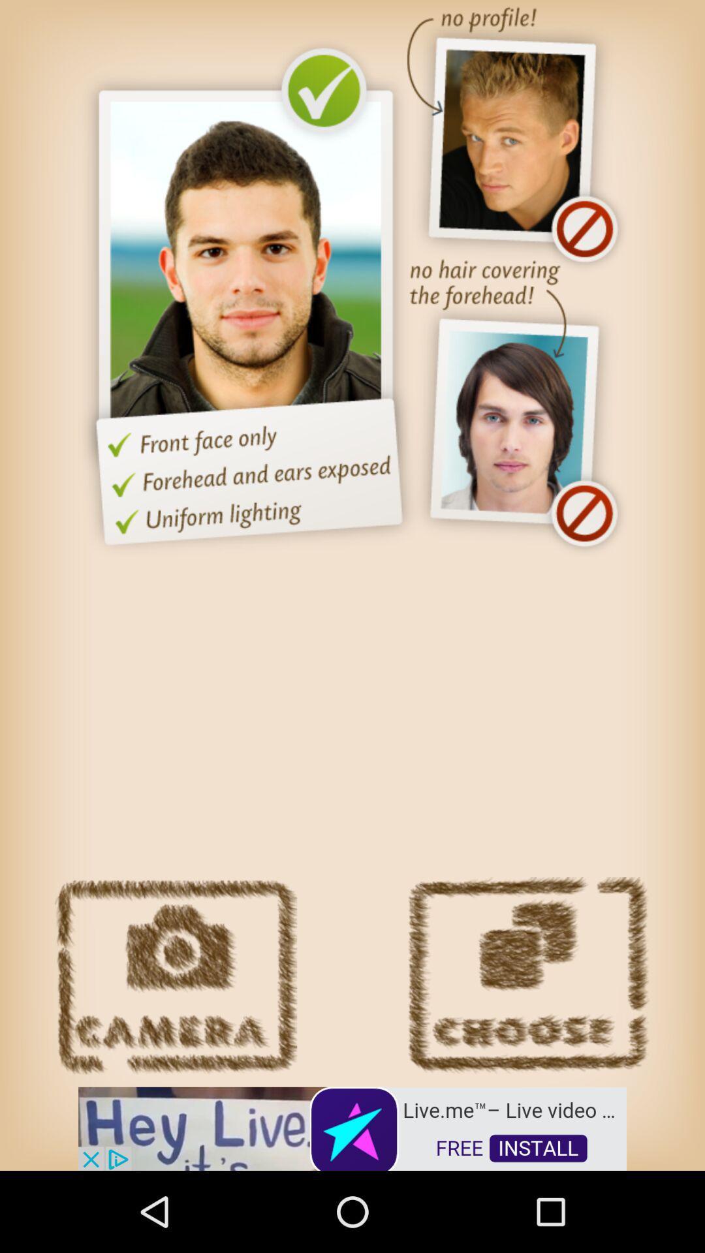  I want to click on choose, so click(527, 976).